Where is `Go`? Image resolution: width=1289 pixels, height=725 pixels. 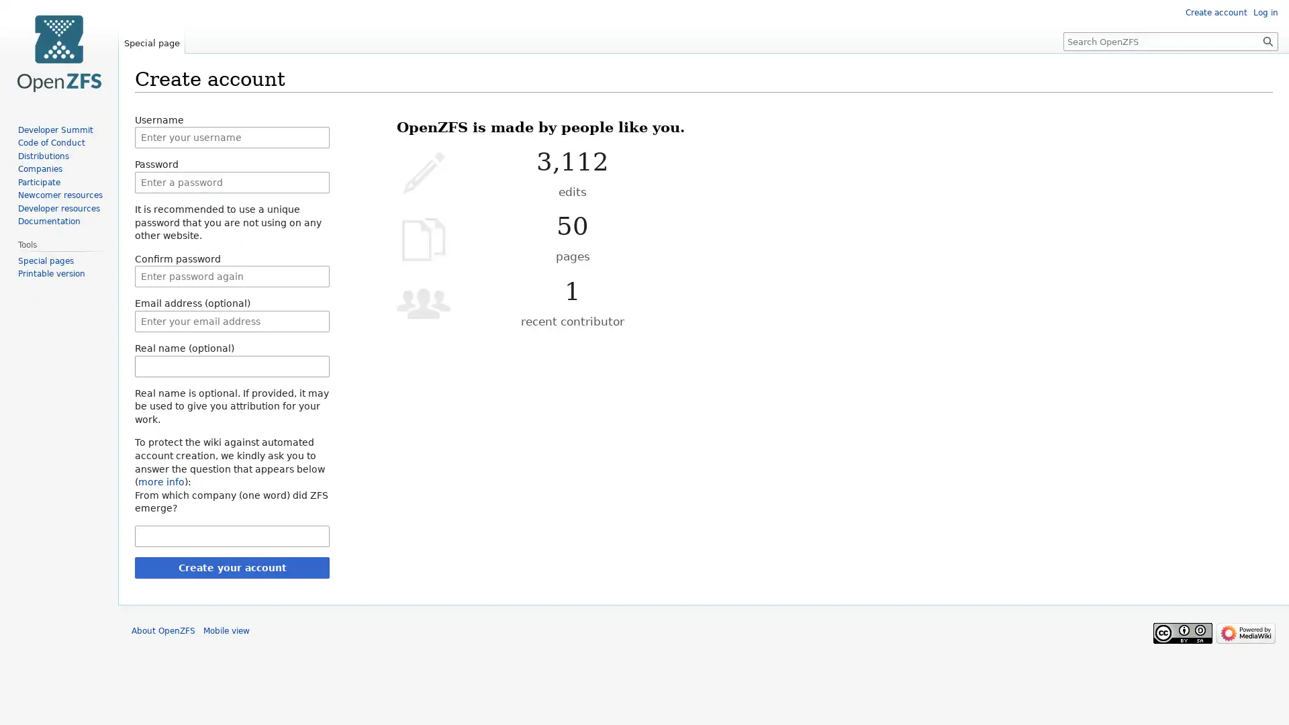 Go is located at coordinates (1268, 40).